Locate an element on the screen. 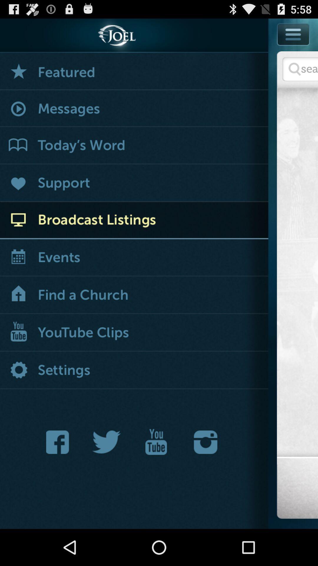 Image resolution: width=318 pixels, height=566 pixels. facebook page is located at coordinates (59, 442).